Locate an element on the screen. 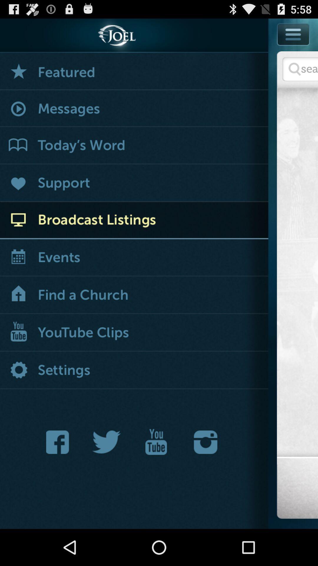 Image resolution: width=318 pixels, height=566 pixels. facebook page is located at coordinates (59, 442).